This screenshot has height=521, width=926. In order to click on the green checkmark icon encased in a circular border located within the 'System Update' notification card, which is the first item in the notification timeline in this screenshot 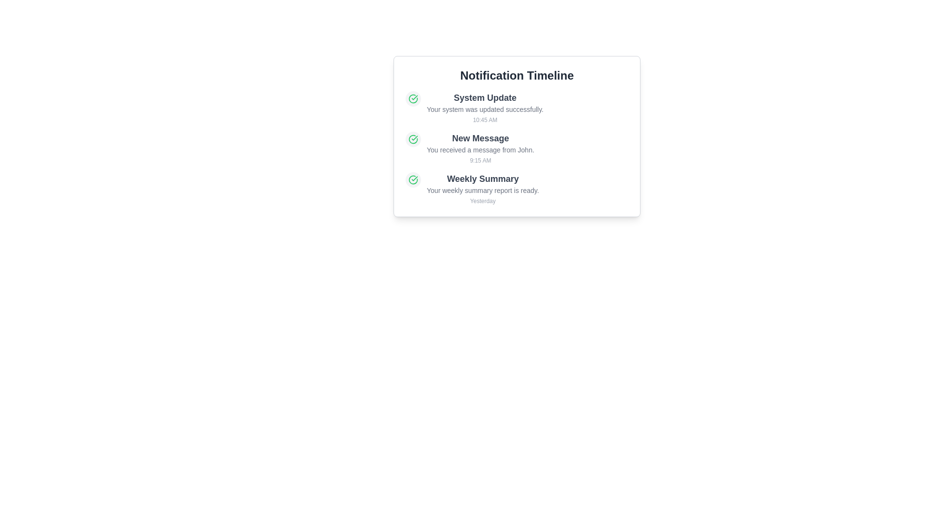, I will do `click(413, 98)`.